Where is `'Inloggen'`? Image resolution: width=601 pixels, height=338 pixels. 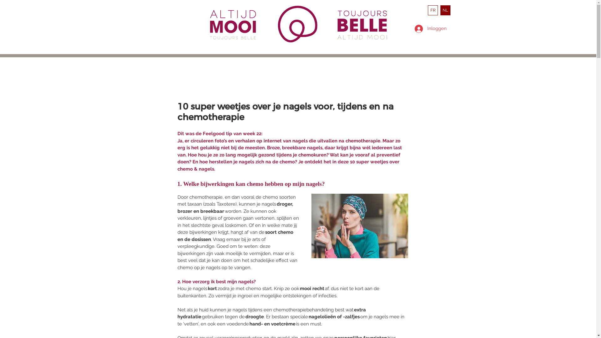 'Inloggen' is located at coordinates (428, 28).